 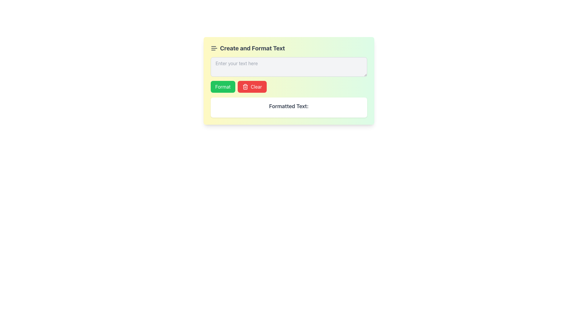 I want to click on the green 'Format' button with white text, so click(x=223, y=87).